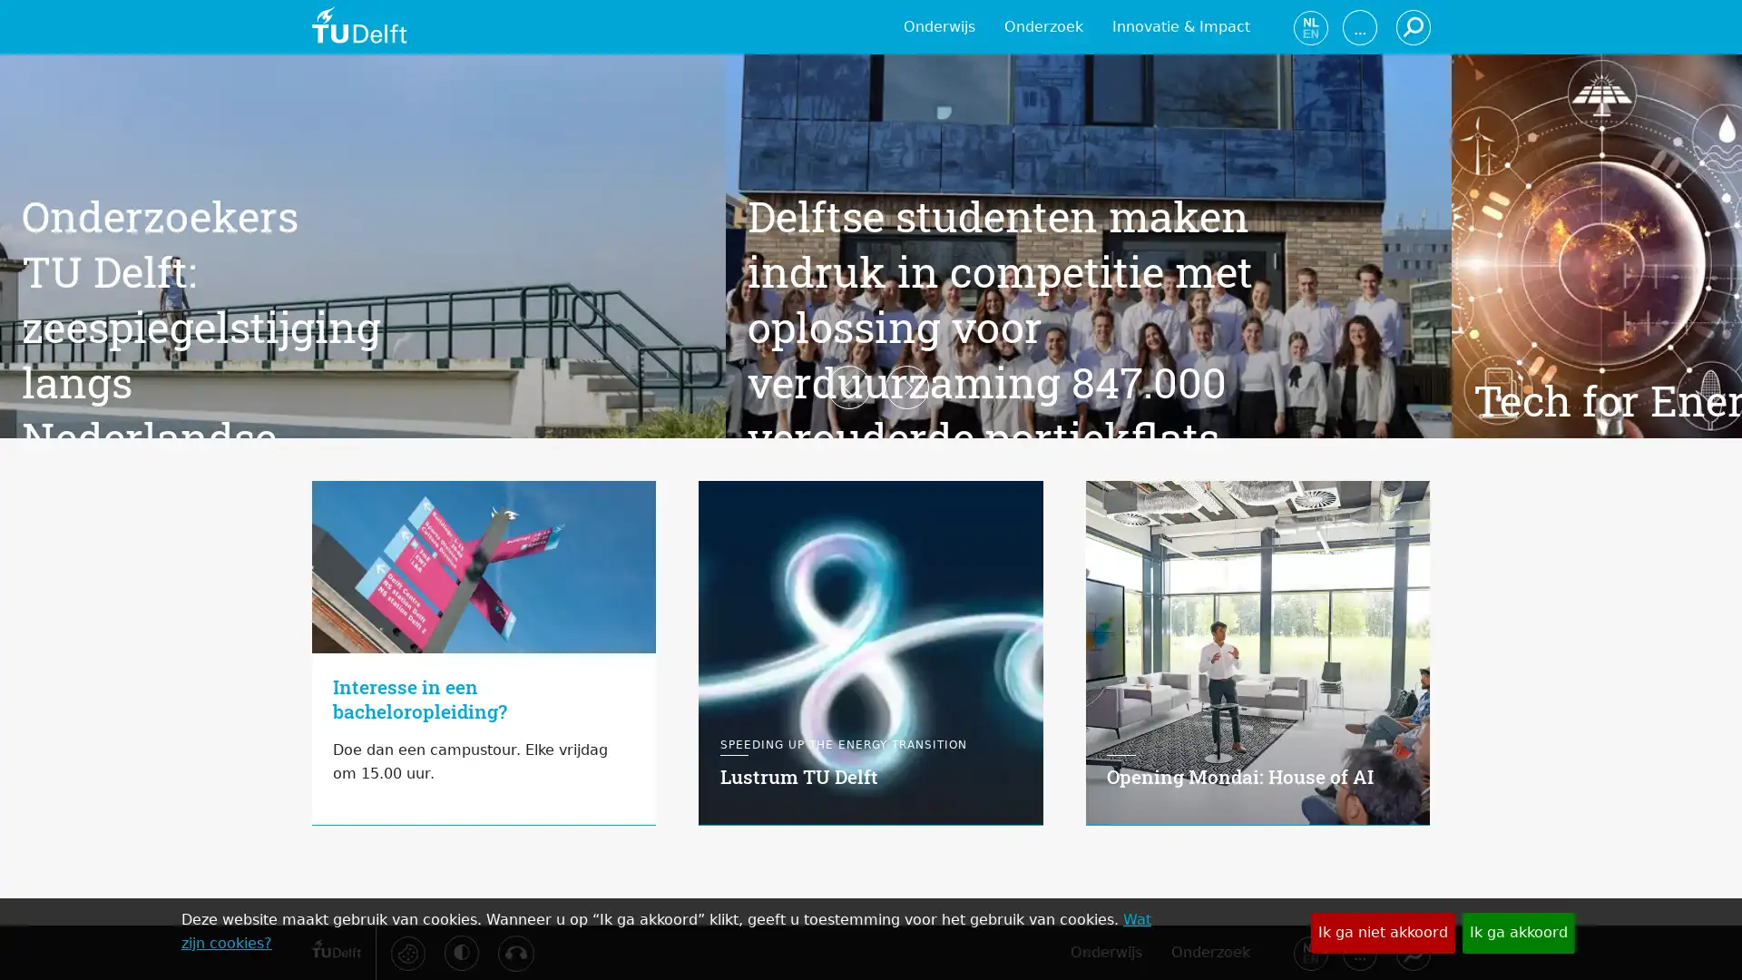 The height and width of the screenshot is (980, 1742). I want to click on Activeer hoog contrast, so click(461, 951).